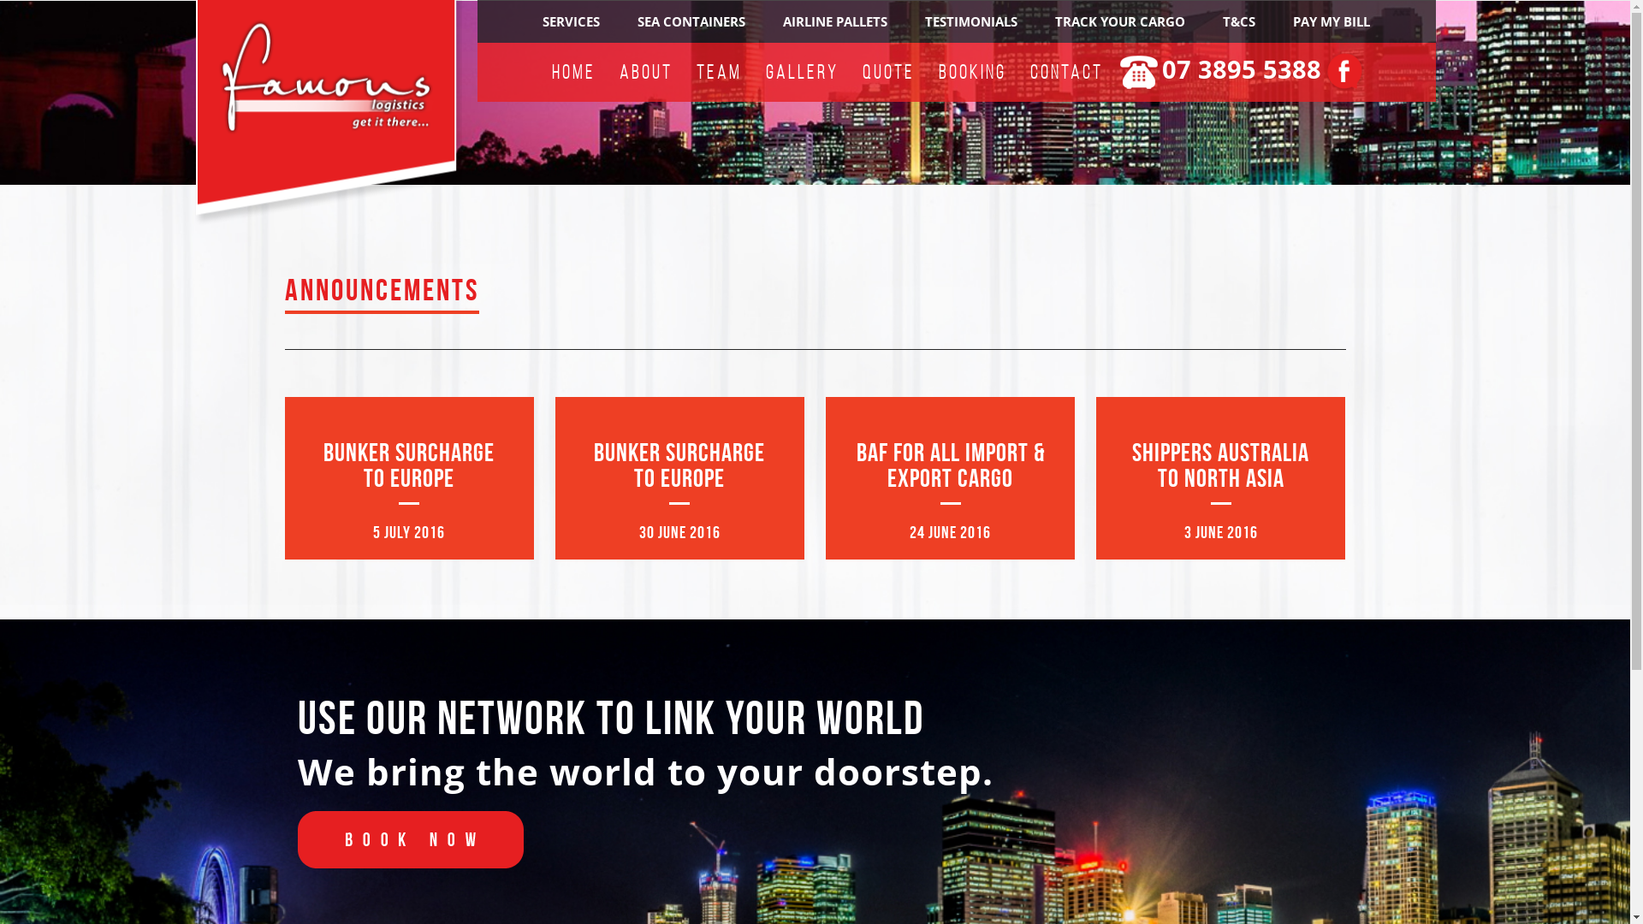 The width and height of the screenshot is (1643, 924). What do you see at coordinates (691, 21) in the screenshot?
I see `'SEA CONTAINERS'` at bounding box center [691, 21].